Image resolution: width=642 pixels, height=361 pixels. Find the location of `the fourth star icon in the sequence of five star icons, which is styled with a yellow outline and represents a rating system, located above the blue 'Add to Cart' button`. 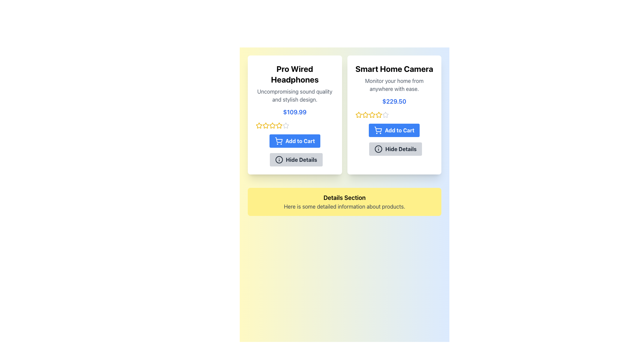

the fourth star icon in the sequence of five star icons, which is styled with a yellow outline and represents a rating system, located above the blue 'Add to Cart' button is located at coordinates (273, 125).